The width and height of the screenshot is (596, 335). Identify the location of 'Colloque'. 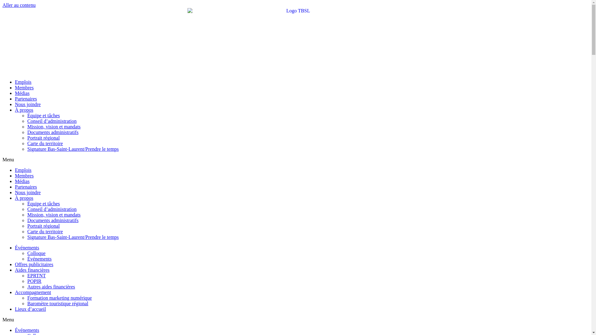
(36, 253).